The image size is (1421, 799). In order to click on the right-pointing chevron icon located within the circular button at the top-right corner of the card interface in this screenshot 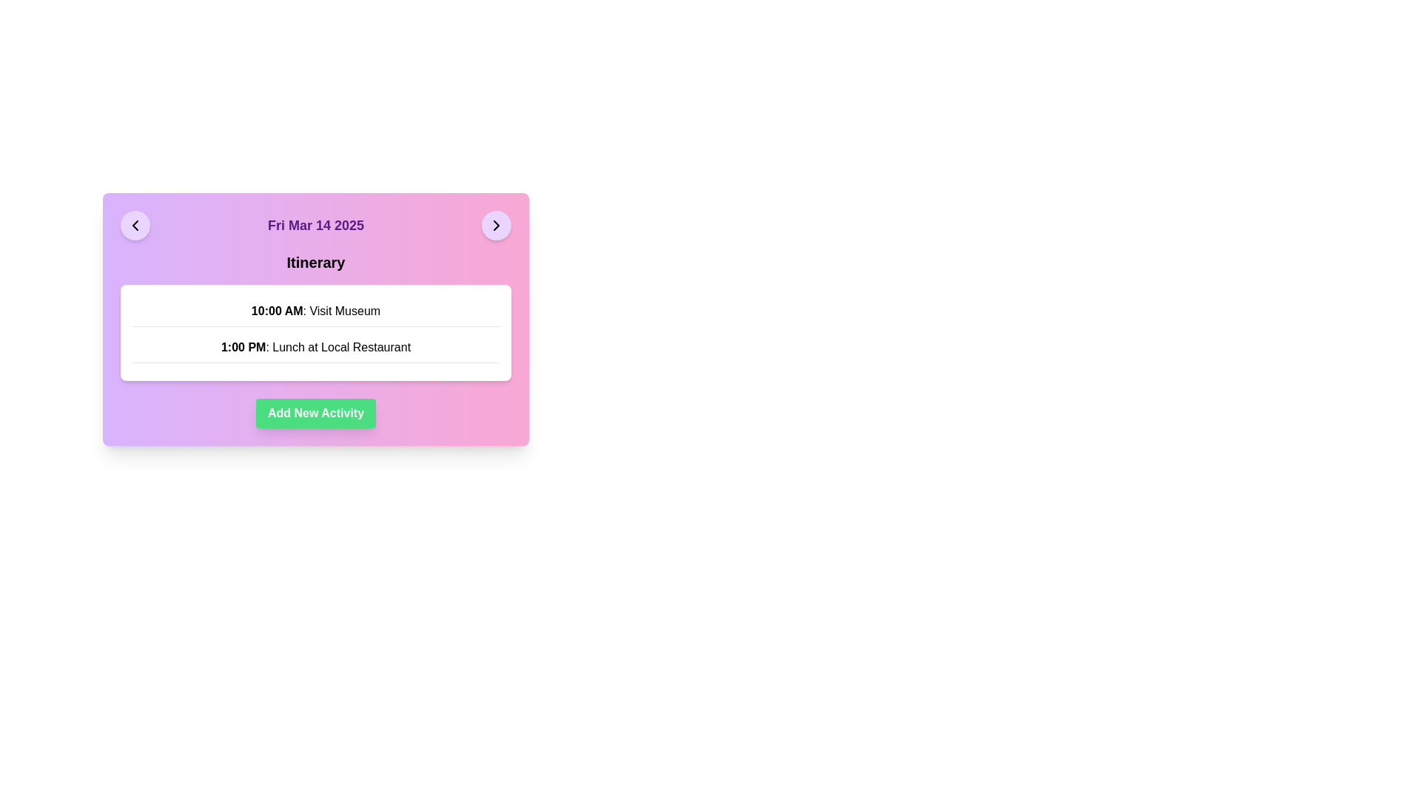, I will do `click(497, 225)`.